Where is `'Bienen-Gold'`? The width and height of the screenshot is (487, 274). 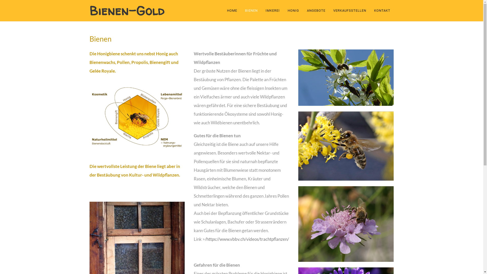 'Bienen-Gold' is located at coordinates (89, 11).